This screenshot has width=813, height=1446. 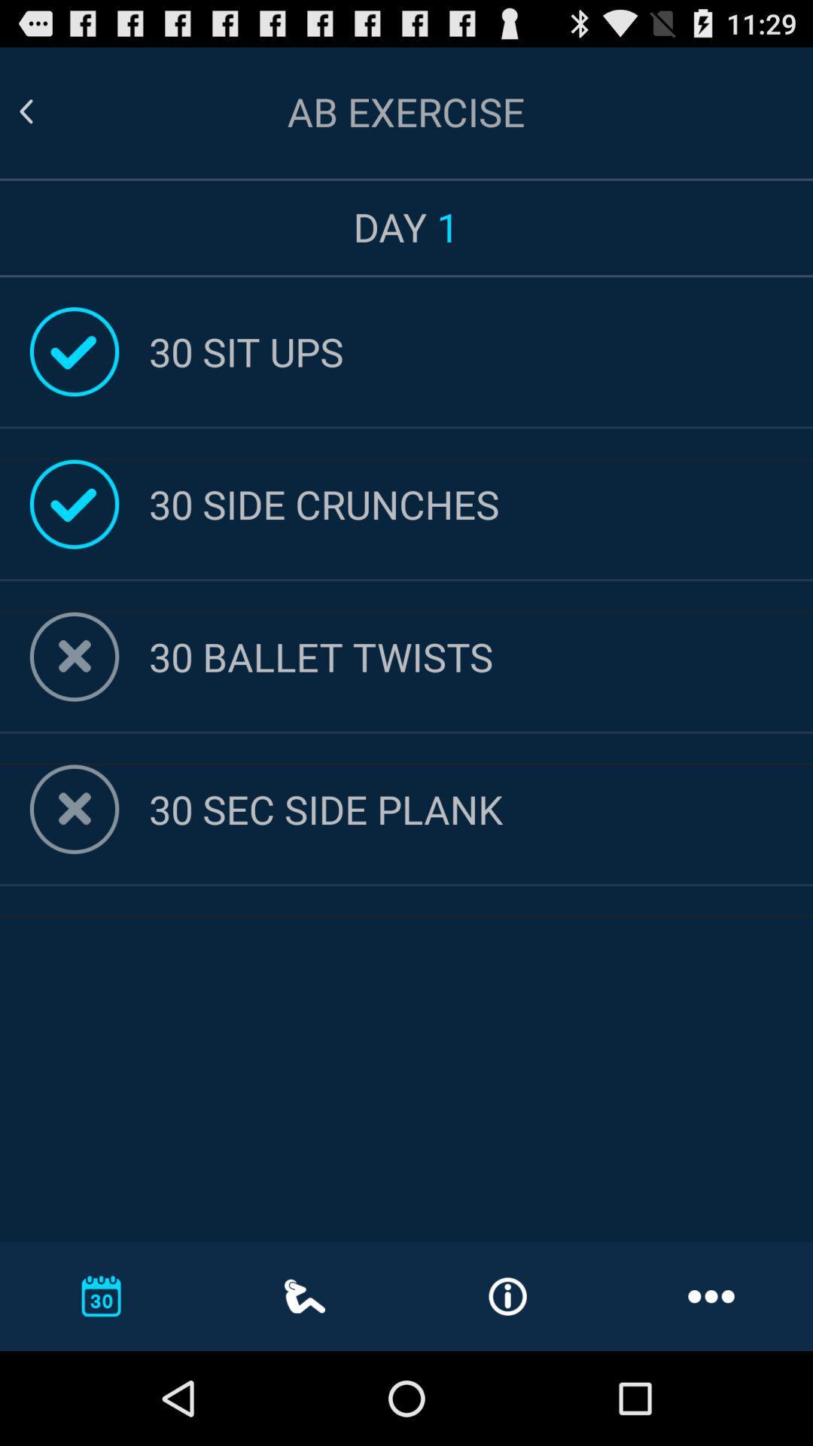 What do you see at coordinates (481, 657) in the screenshot?
I see `30 ballet twists` at bounding box center [481, 657].